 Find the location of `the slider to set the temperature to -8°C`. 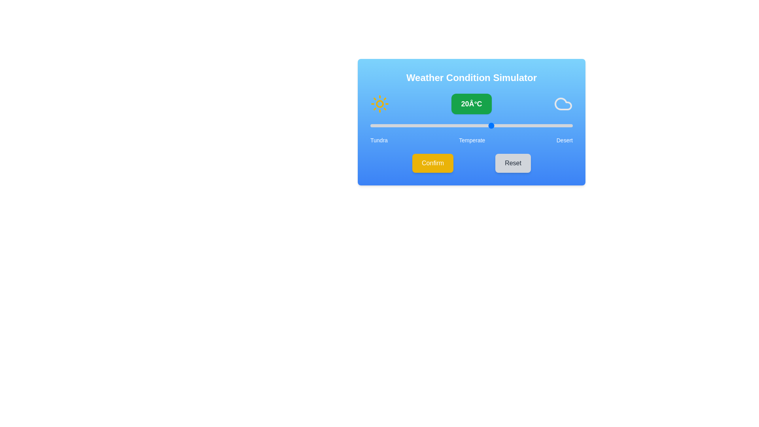

the slider to set the temperature to -8°C is located at coordinates (378, 125).